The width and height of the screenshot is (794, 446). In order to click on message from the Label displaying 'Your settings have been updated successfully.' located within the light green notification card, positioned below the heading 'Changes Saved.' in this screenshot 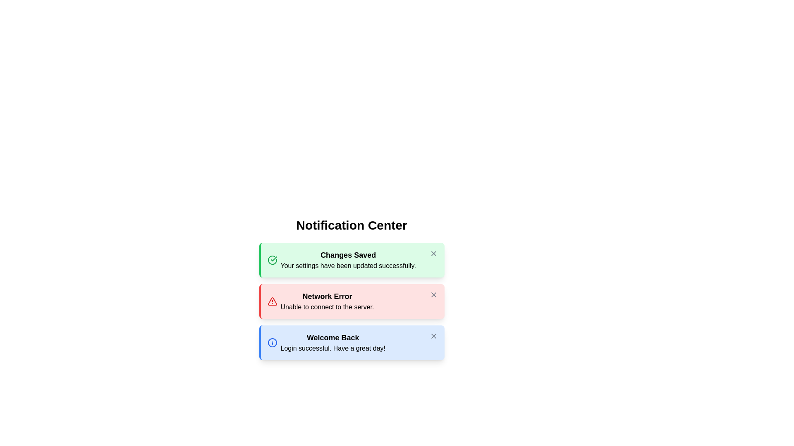, I will do `click(348, 266)`.